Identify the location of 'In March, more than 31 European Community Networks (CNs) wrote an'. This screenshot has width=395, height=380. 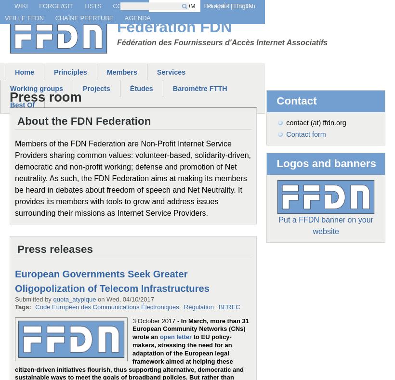
(190, 328).